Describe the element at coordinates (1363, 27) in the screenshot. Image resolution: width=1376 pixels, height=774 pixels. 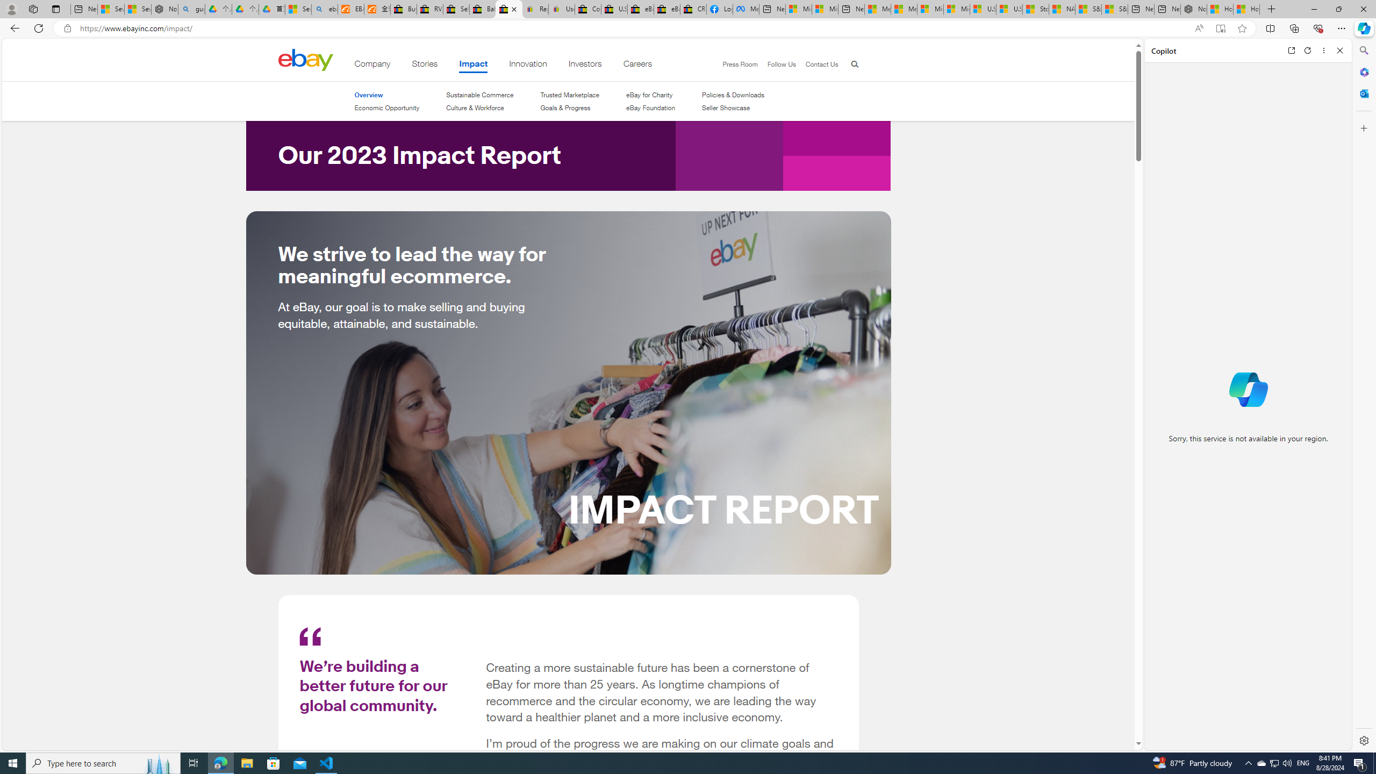
I see `'Copilot (Ctrl+Shift+.)'` at that location.